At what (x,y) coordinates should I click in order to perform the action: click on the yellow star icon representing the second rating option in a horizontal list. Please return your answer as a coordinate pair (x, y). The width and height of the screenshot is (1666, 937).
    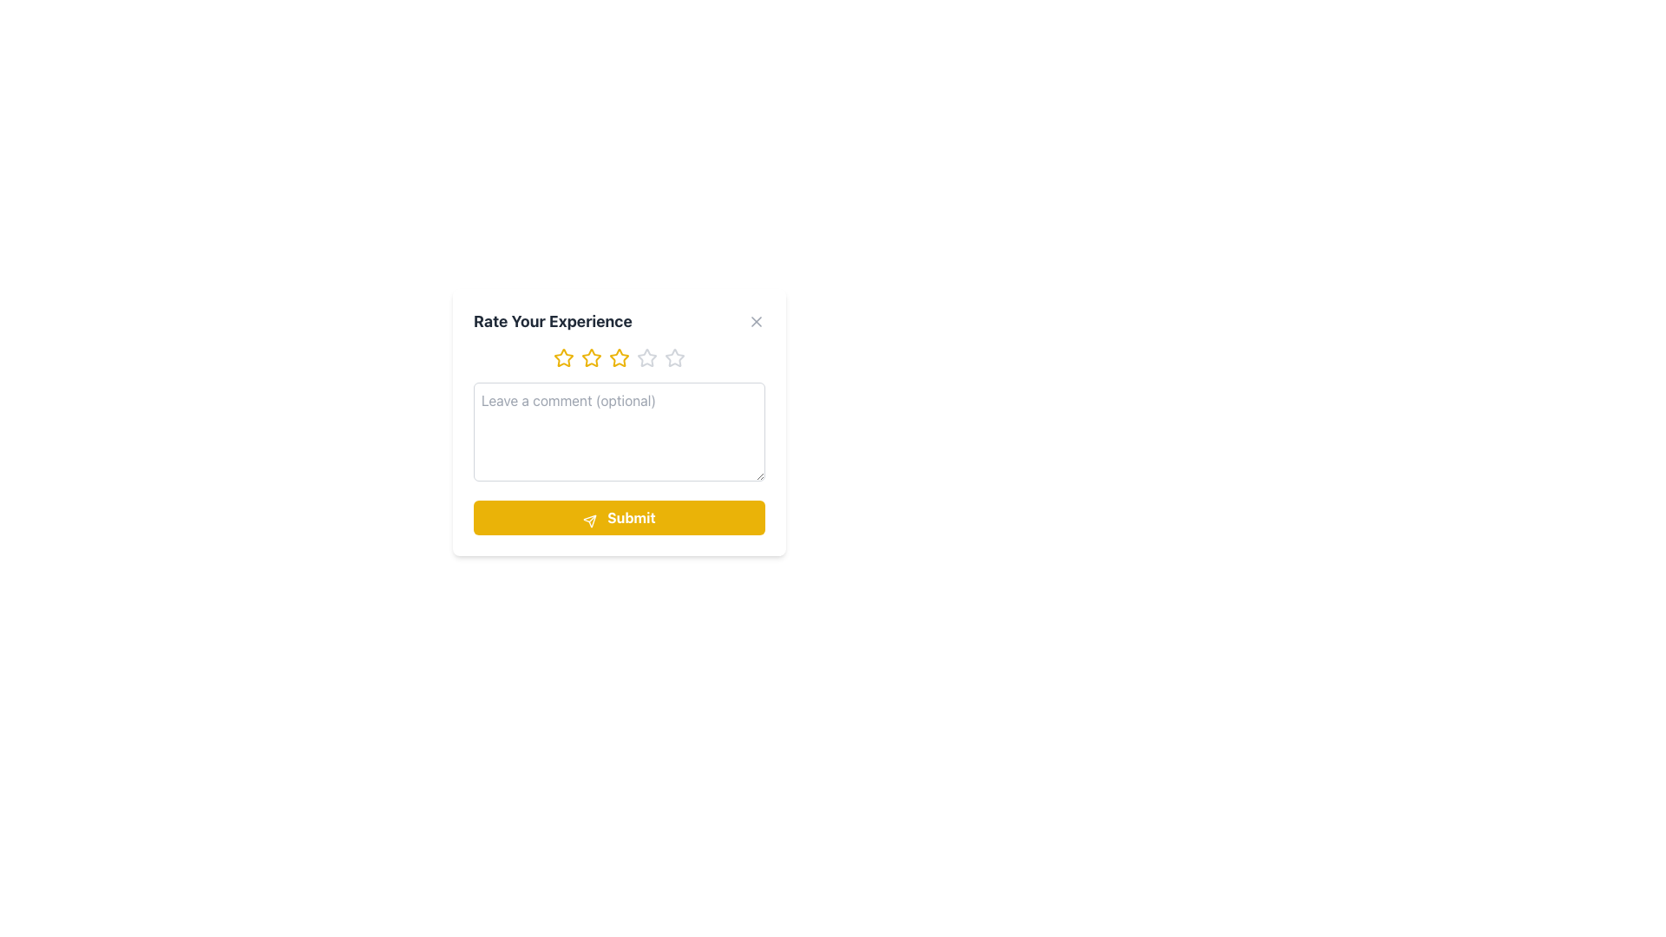
    Looking at the image, I should click on (563, 357).